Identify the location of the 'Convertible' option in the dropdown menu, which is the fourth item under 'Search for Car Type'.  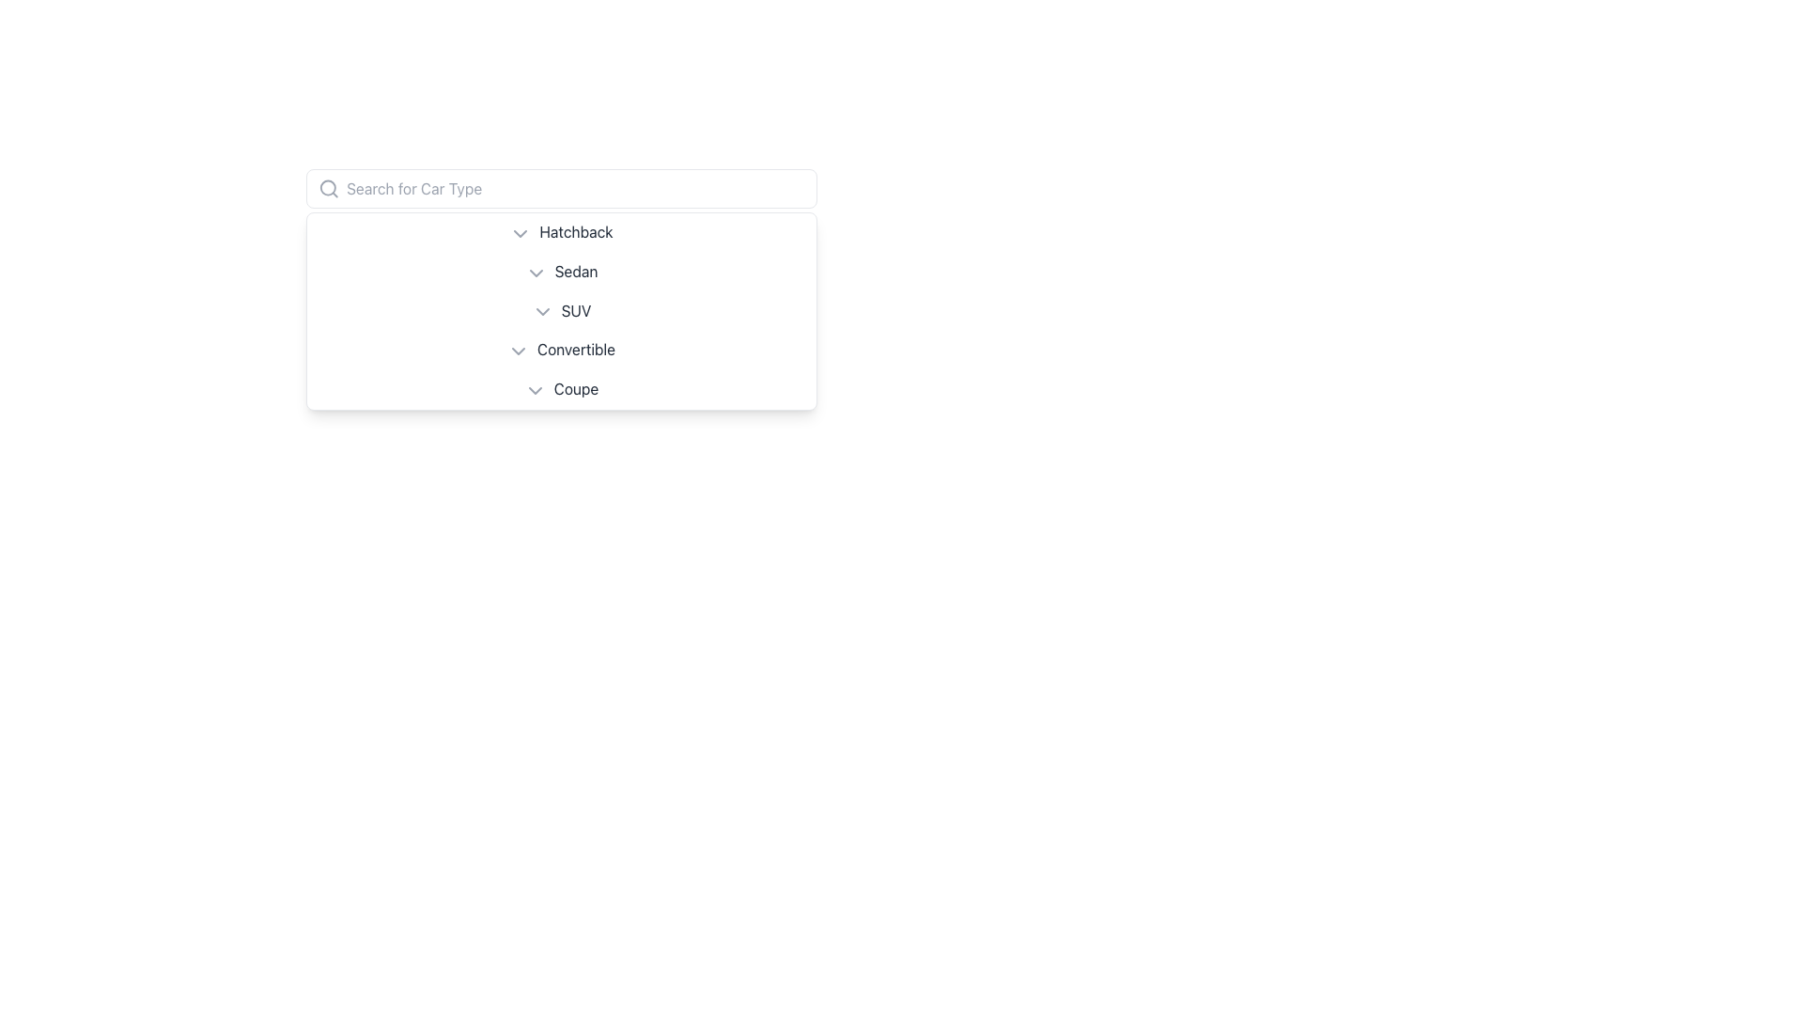
(560, 351).